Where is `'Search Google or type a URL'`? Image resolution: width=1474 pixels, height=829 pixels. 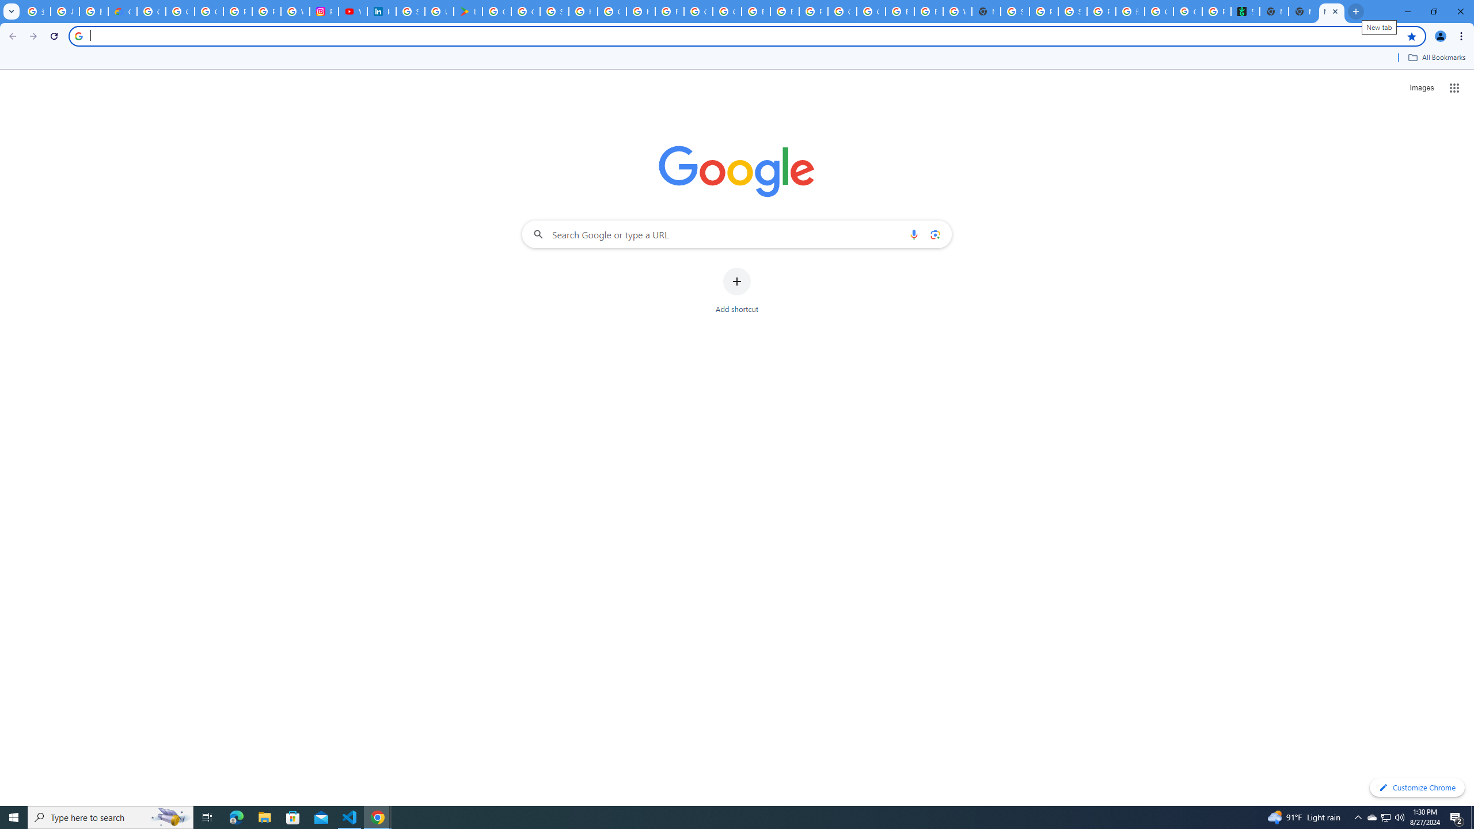 'Search Google or type a URL' is located at coordinates (737, 233).